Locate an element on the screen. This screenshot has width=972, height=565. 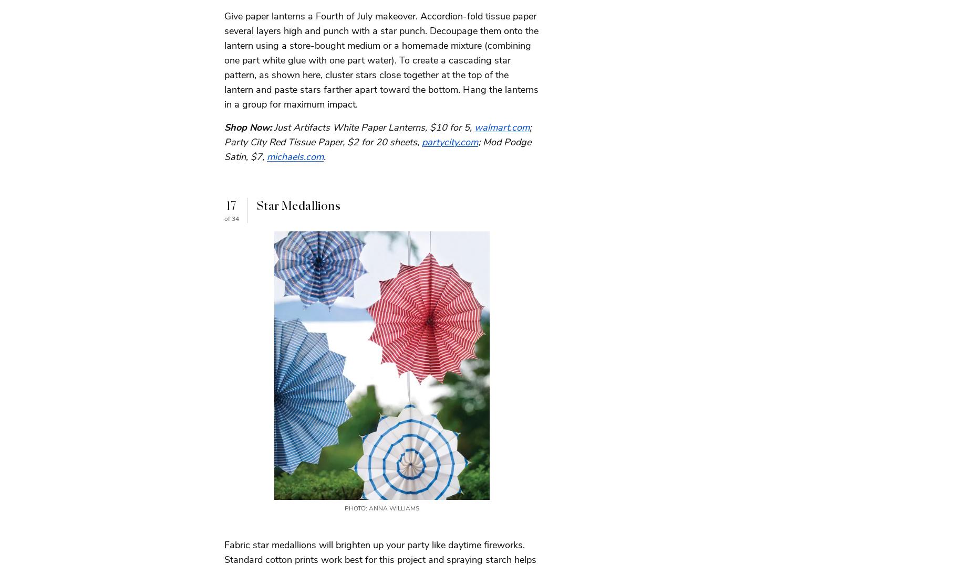
'Give paper lanterns a Fourth of July makeover. Accordion-fold tissue paper several layers high and punch with a star punch. Decoupage them onto the lantern using a store-bought medium or a homemade mixture (combining one part white glue with one part water). To create a cascading star pattern, as shown here, cluster stars close together at the top of the lantern and paste stars farther apart toward the bottom. Hang the lanterns in a group for maximum impact.' is located at coordinates (381, 59).